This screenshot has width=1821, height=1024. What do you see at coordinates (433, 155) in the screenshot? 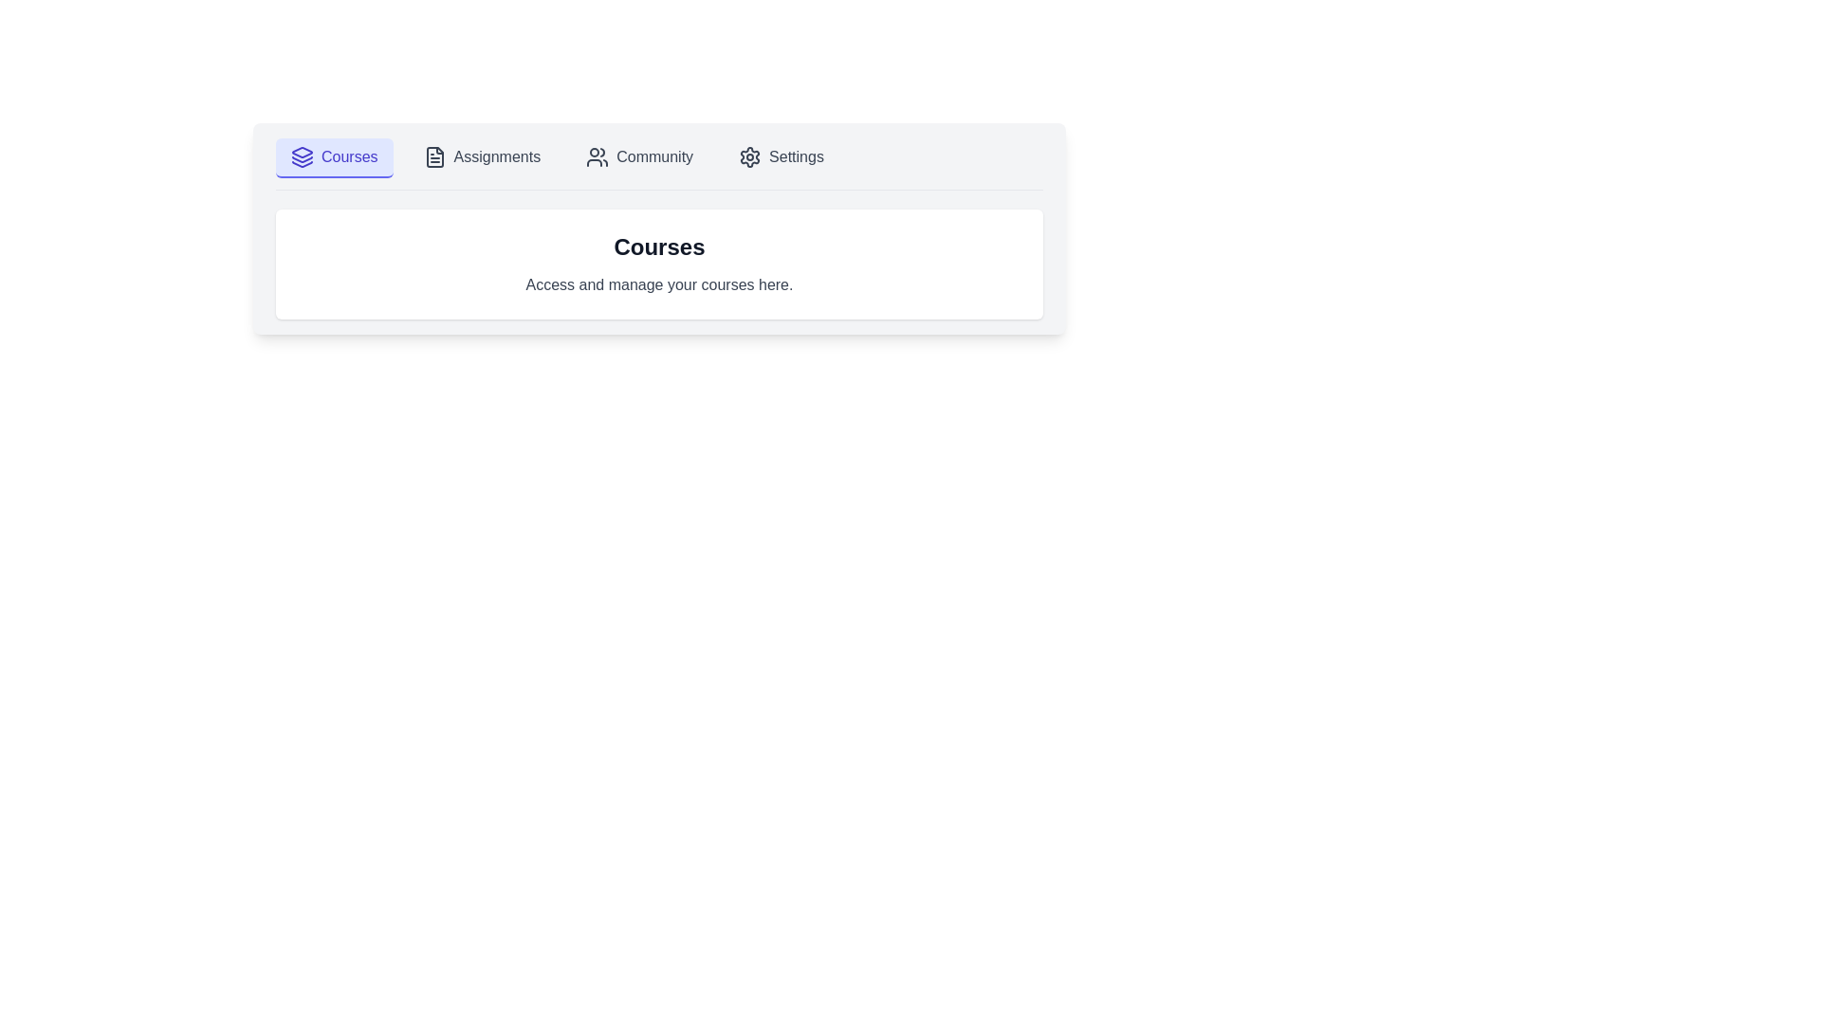
I see `the document icon located to the left of the 'Assignments' button in the navigation bar, characterized by its simplistic outline style and text lines` at bounding box center [433, 155].